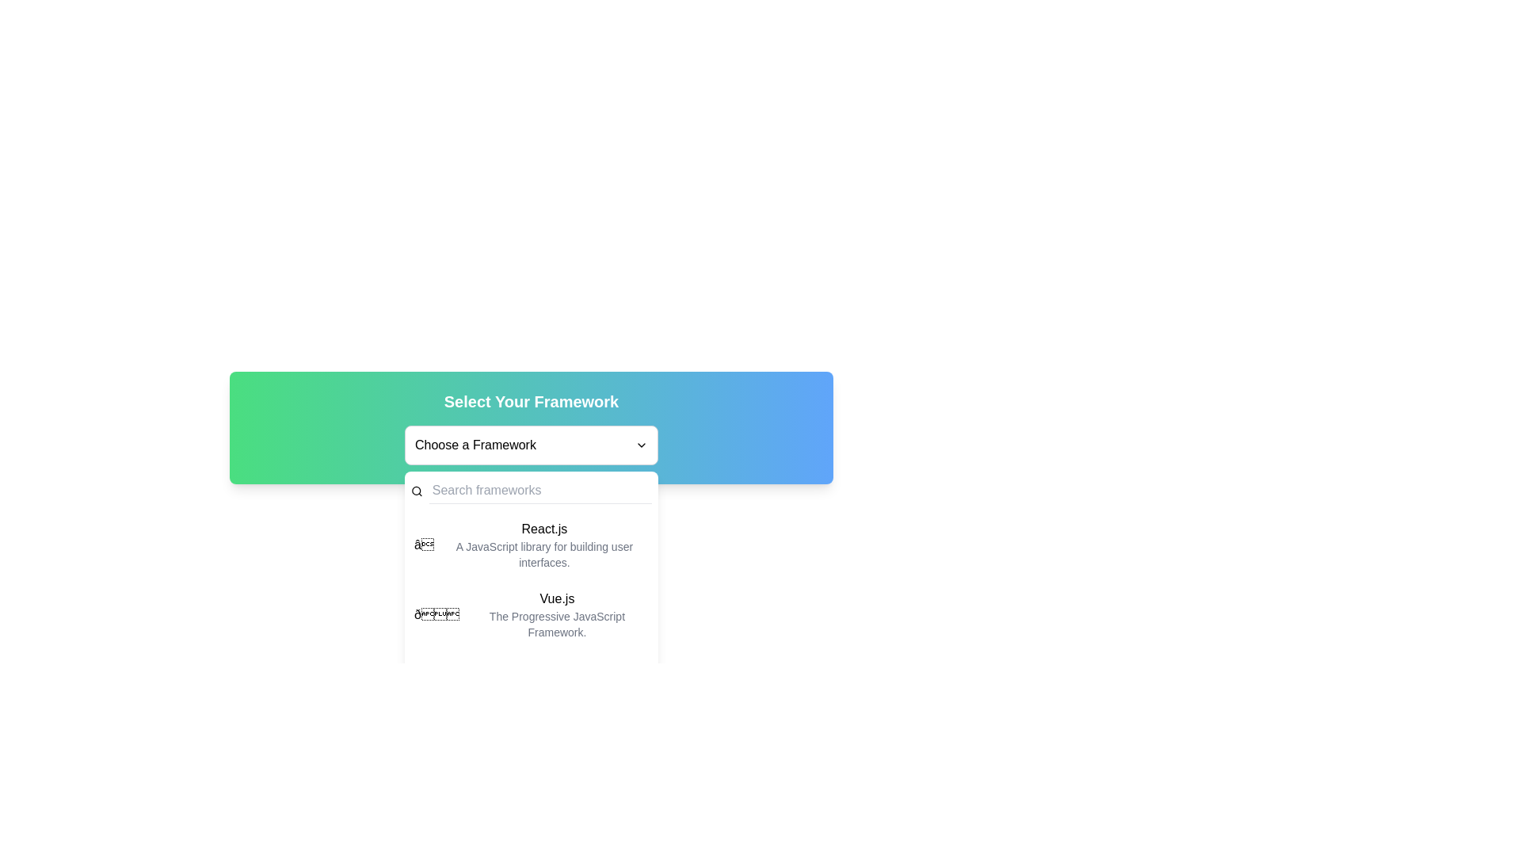 This screenshot has height=856, width=1521. Describe the element at coordinates (544, 544) in the screenshot. I see `text content of the Text block labeled 'React.js' with a subtitle 'A JavaScript library for building user interfaces.' located in the dropdown menu interface` at that location.